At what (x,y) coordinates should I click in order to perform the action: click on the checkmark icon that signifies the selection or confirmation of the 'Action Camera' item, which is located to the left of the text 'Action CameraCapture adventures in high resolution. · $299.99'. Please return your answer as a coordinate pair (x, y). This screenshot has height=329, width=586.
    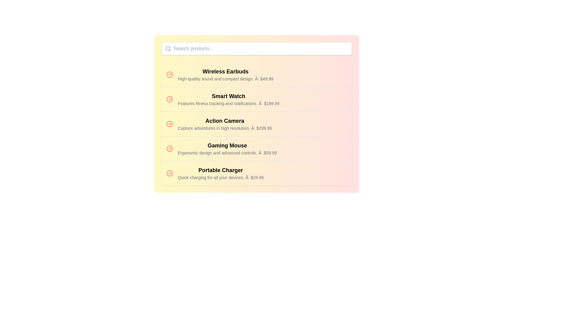
    Looking at the image, I should click on (169, 124).